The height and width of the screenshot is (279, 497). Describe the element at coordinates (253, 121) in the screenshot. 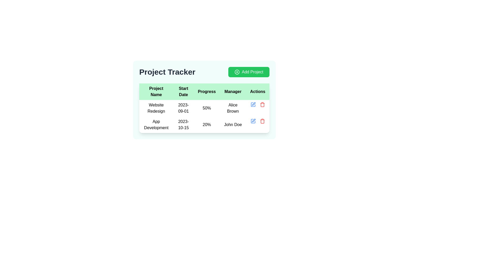

I see `the blue pen icon in the 'Actions' column of the second row of the table` at that location.